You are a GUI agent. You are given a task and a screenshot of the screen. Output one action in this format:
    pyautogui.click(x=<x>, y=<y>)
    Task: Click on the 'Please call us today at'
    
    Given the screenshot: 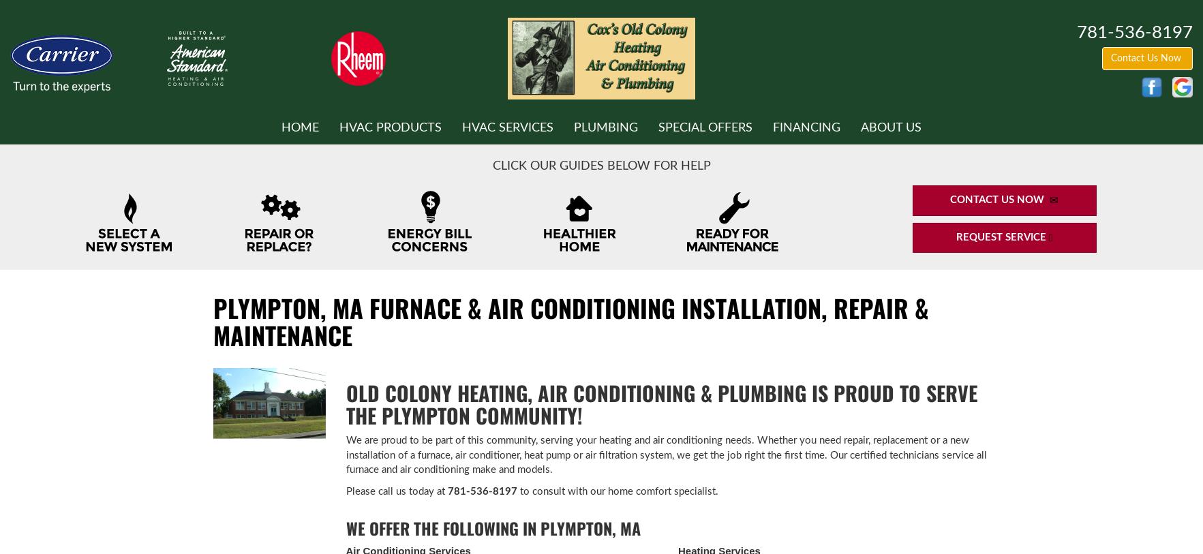 What is the action you would take?
    pyautogui.click(x=395, y=491)
    